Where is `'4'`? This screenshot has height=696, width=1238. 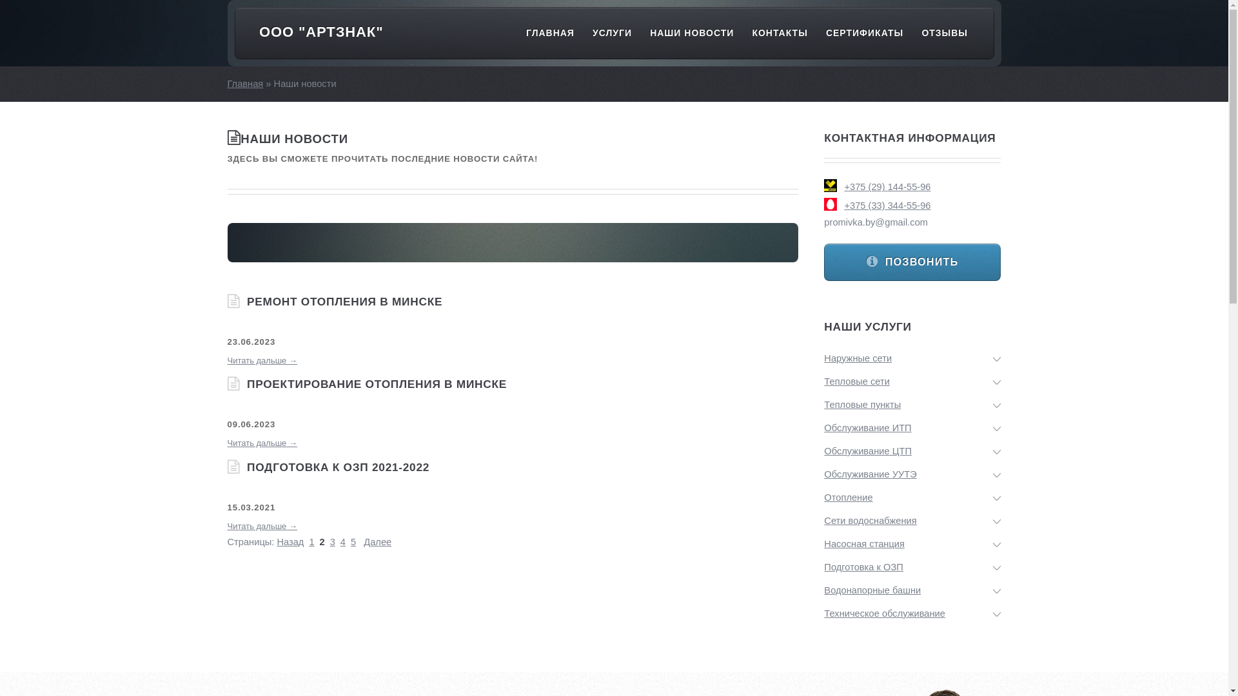 '4' is located at coordinates (340, 541).